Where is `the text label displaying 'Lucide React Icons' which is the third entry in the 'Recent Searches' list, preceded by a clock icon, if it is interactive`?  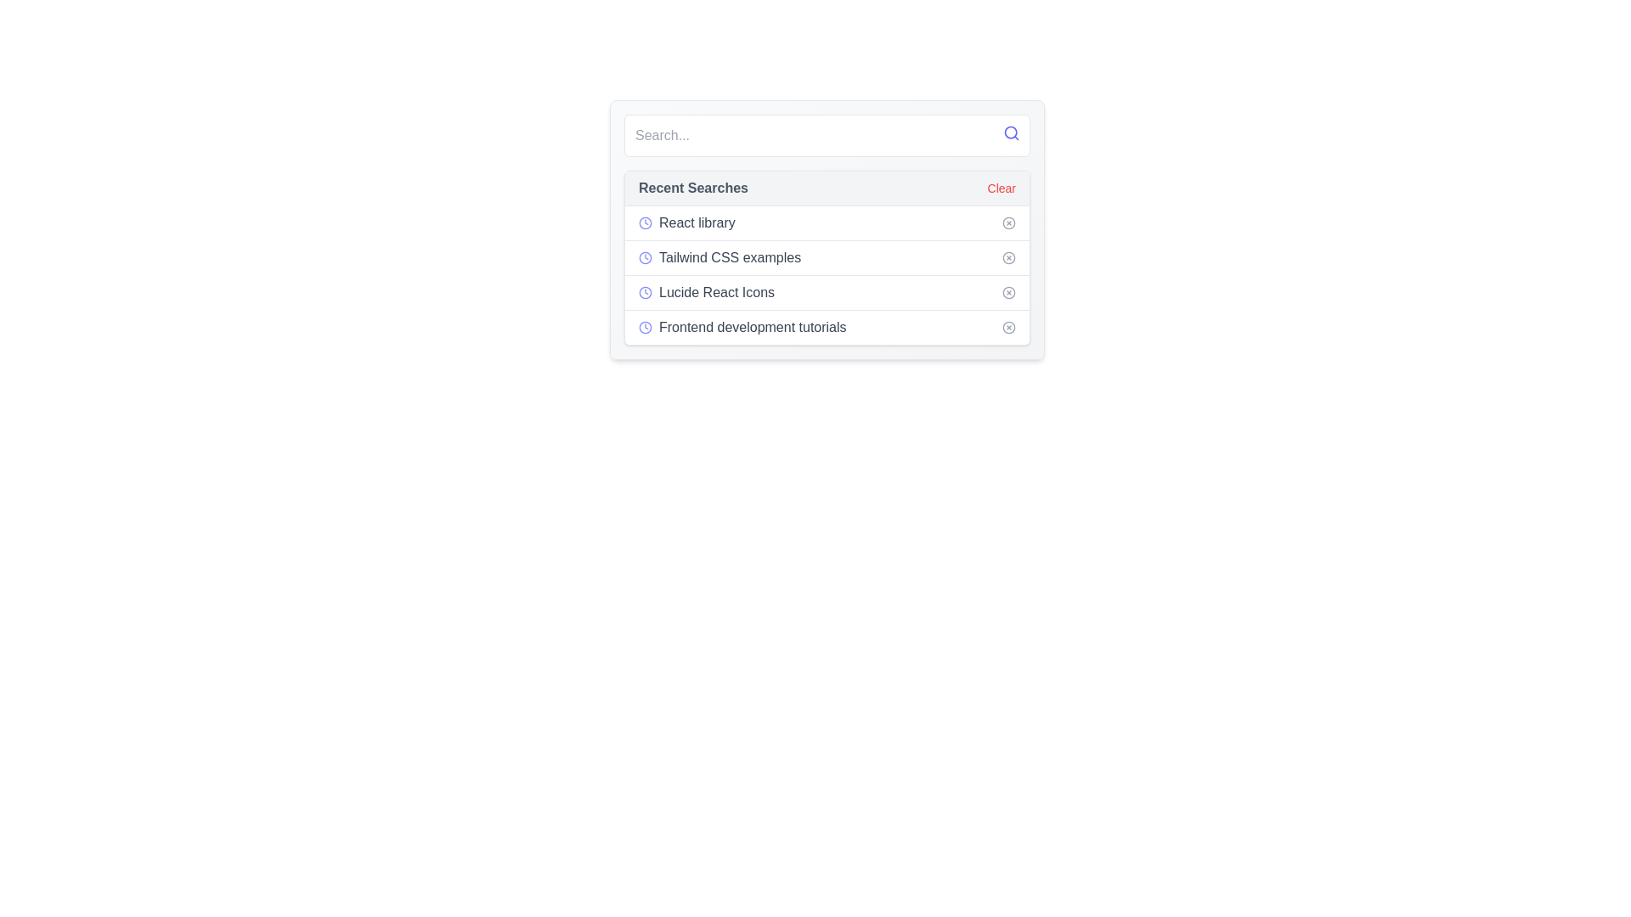
the text label displaying 'Lucide React Icons' which is the third entry in the 'Recent Searches' list, preceded by a clock icon, if it is interactive is located at coordinates (717, 291).